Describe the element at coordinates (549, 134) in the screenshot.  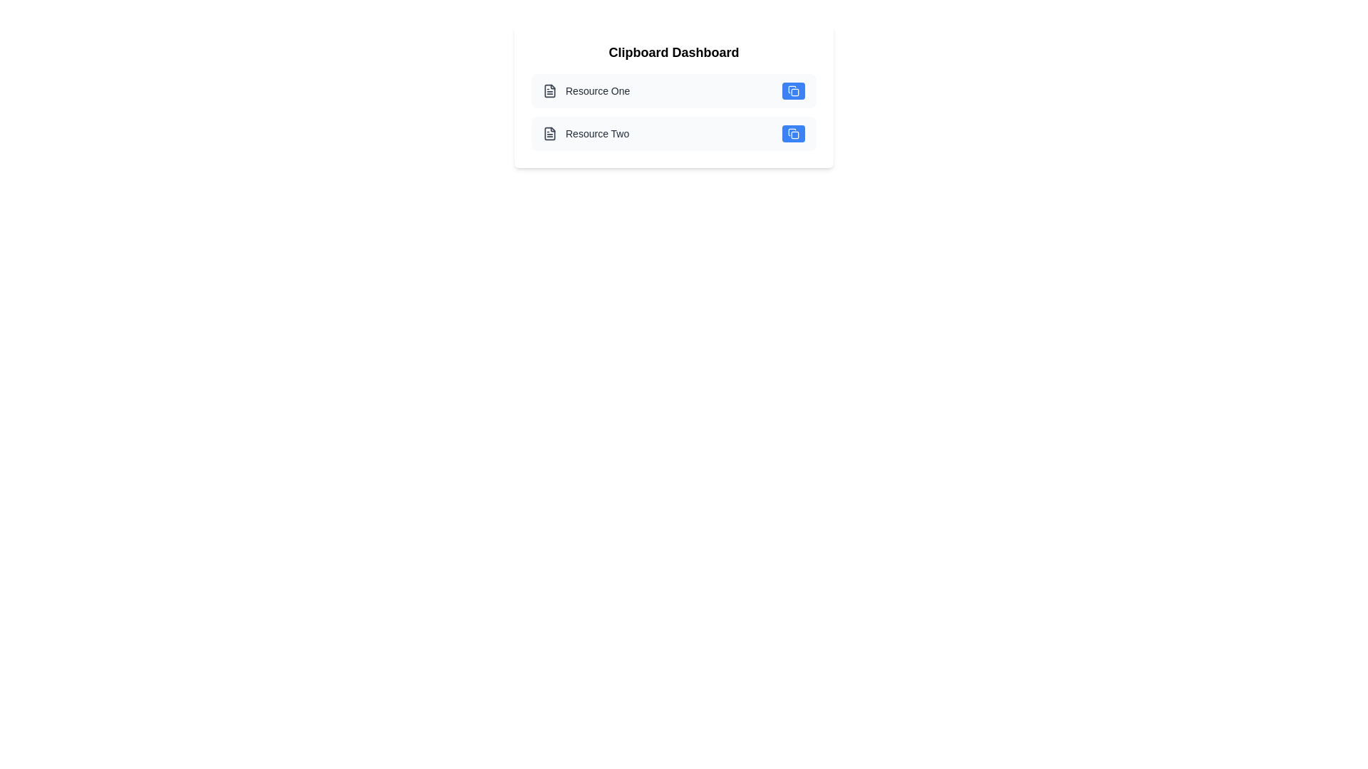
I see `the small document icon with text lines, which is the first icon under 'Resource Two' in the 'Clipboard Dashboard'` at that location.